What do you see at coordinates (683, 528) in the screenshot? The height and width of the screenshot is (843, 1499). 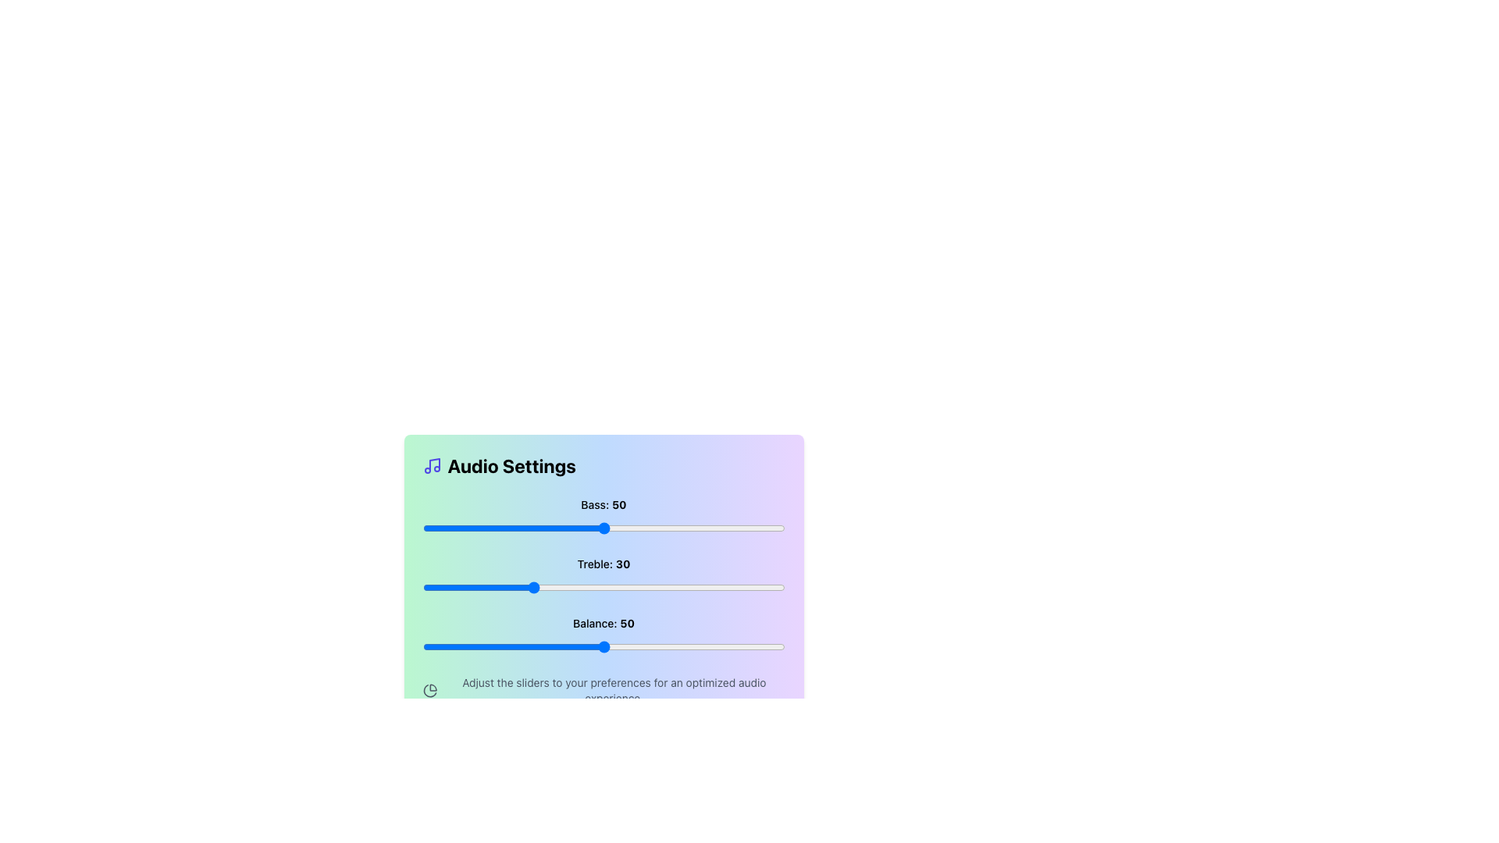 I see `the bass` at bounding box center [683, 528].